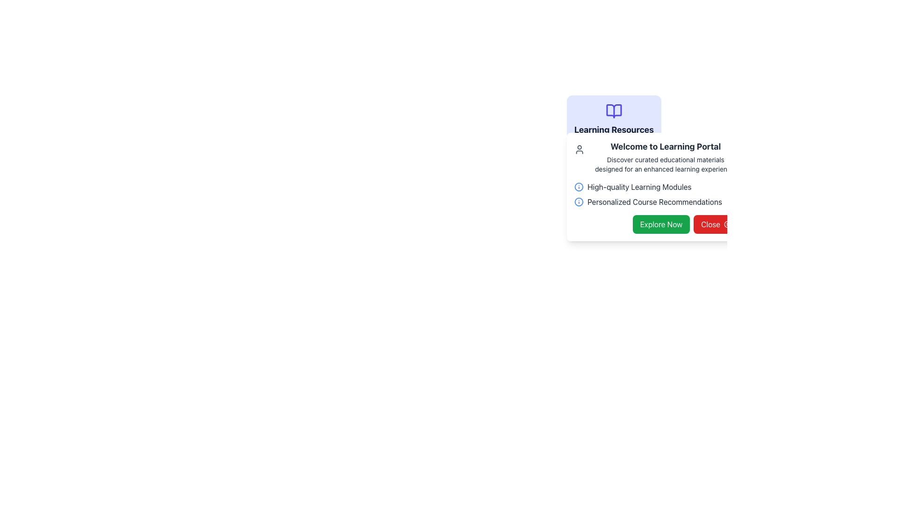 The width and height of the screenshot is (898, 505). Describe the element at coordinates (614, 119) in the screenshot. I see `the Header component at the top center of the white dialog box that conveys the theme or title of the displayed learning resources` at that location.